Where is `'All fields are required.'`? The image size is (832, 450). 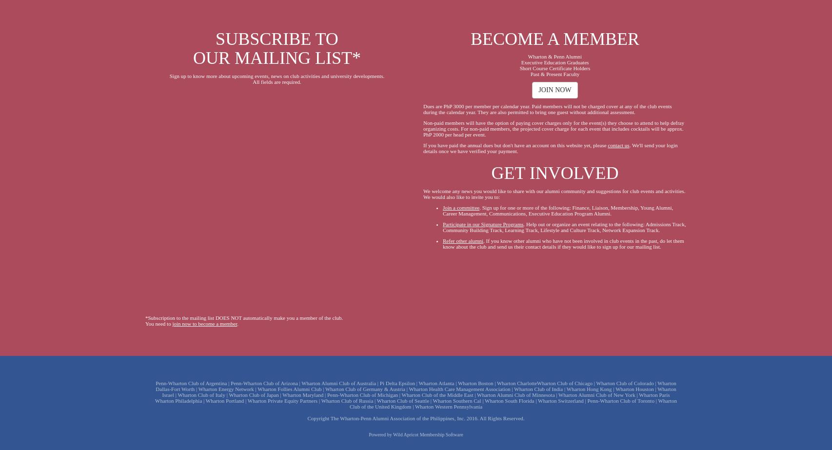 'All fields are required.' is located at coordinates (276, 81).